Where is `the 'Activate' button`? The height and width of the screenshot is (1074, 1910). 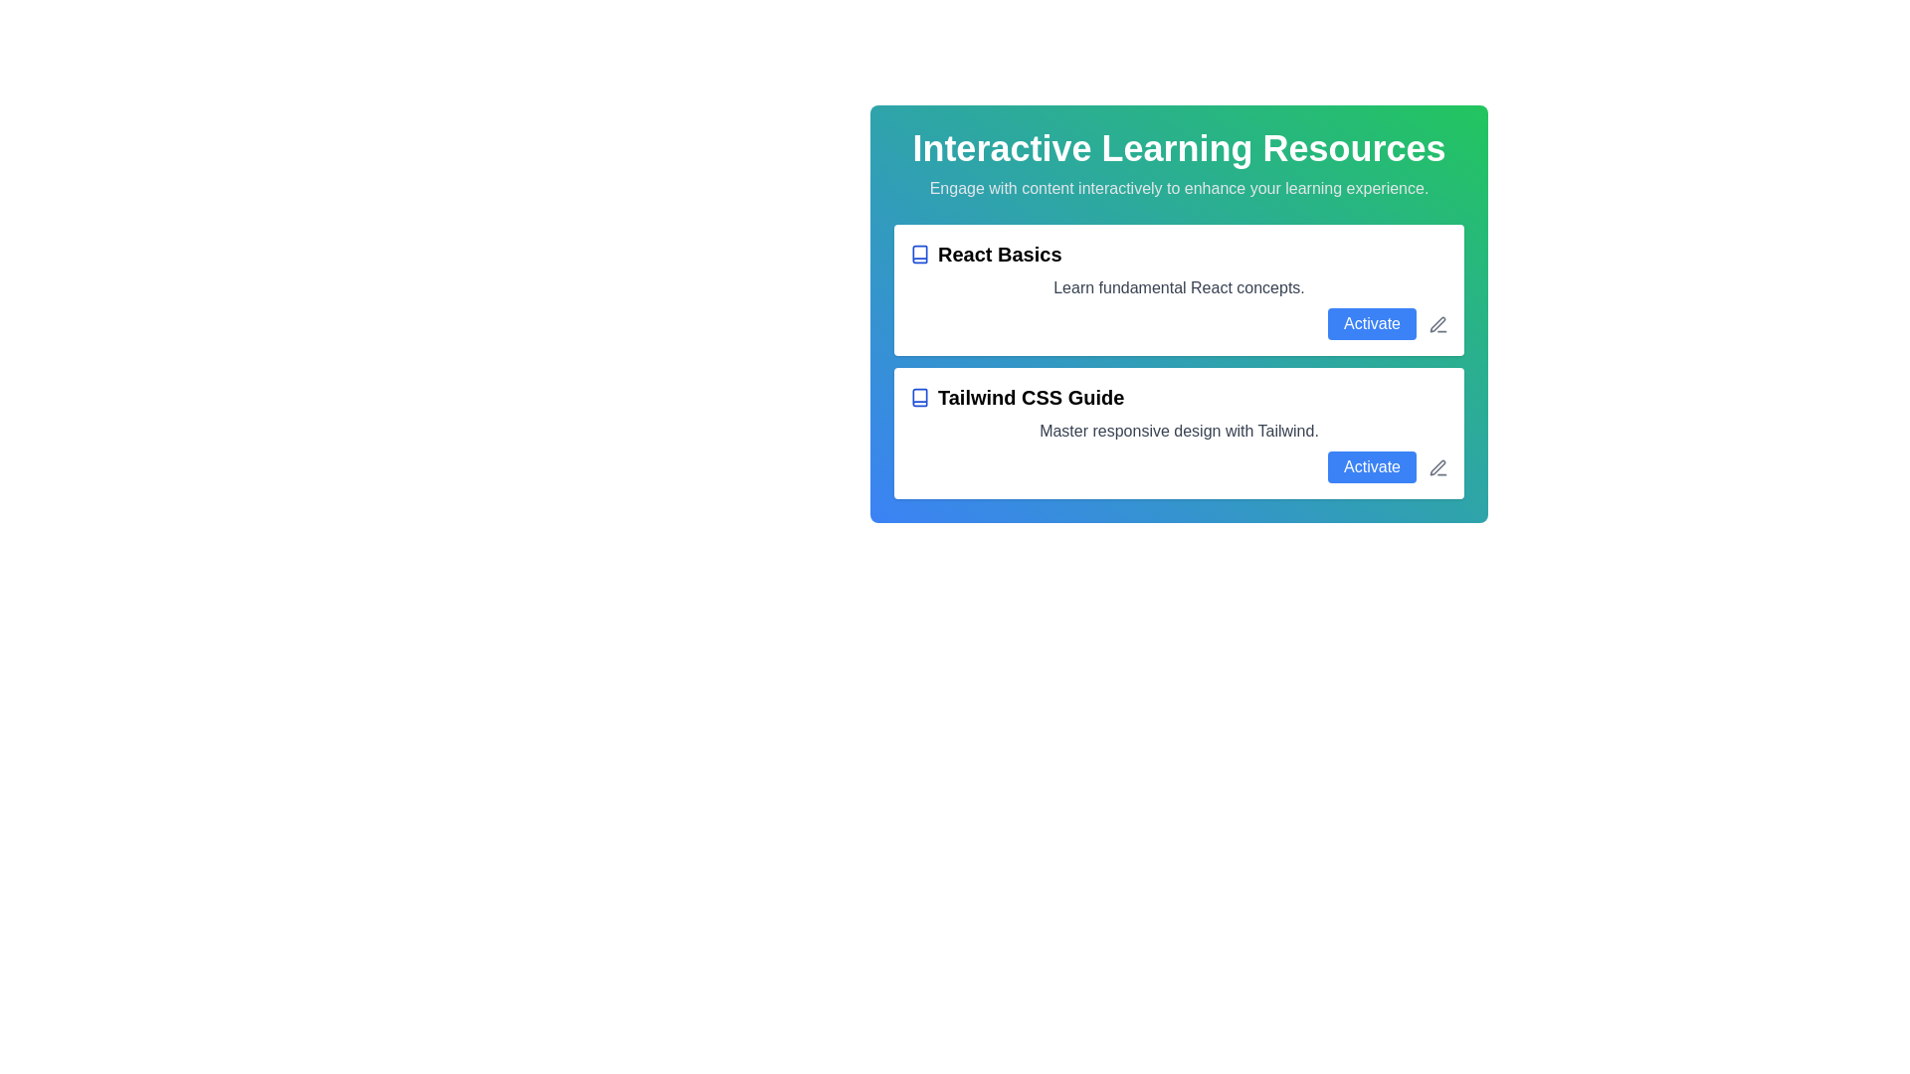 the 'Activate' button is located at coordinates (1371, 323).